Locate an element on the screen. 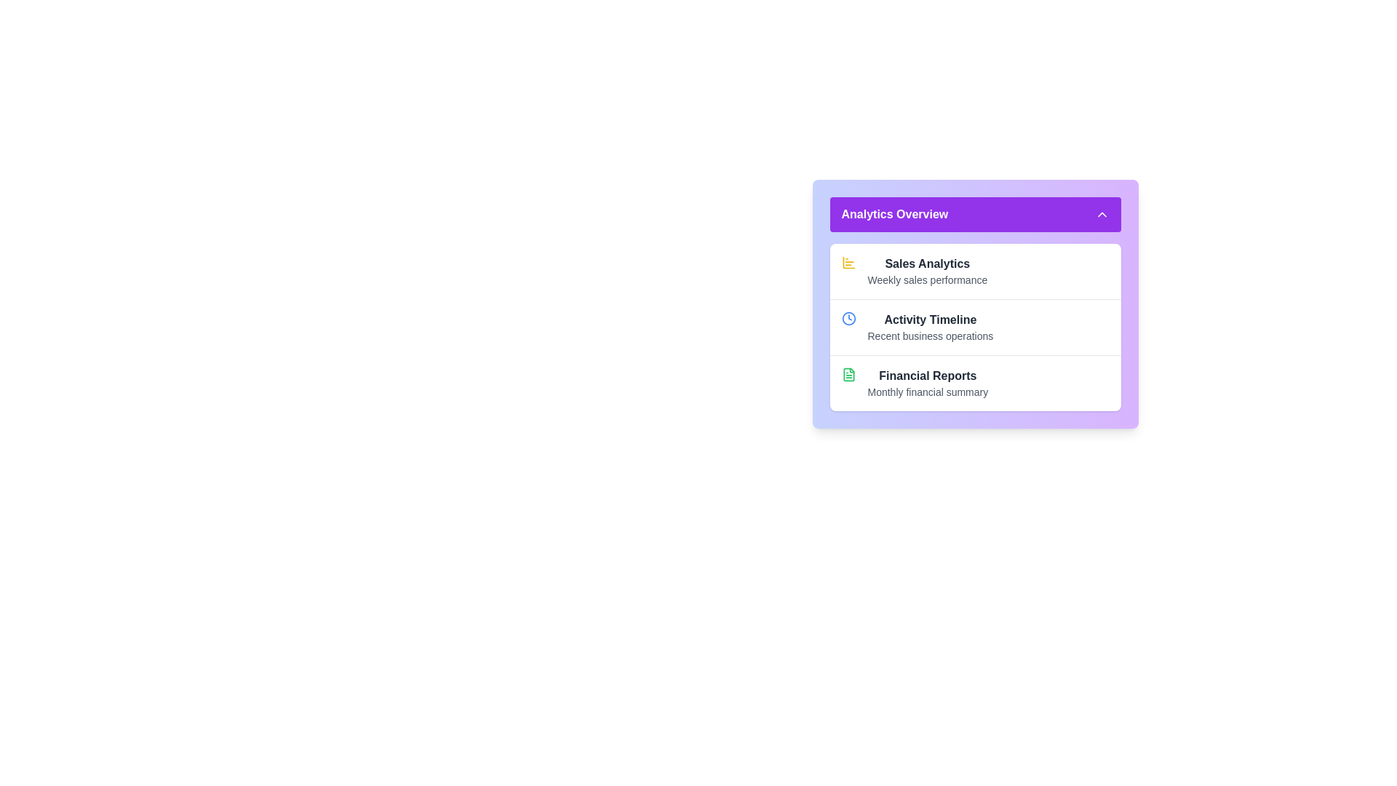 The height and width of the screenshot is (786, 1397). text label located in the purple header bar, which serves as a title indicating the purpose or content of the panel is located at coordinates (893, 214).